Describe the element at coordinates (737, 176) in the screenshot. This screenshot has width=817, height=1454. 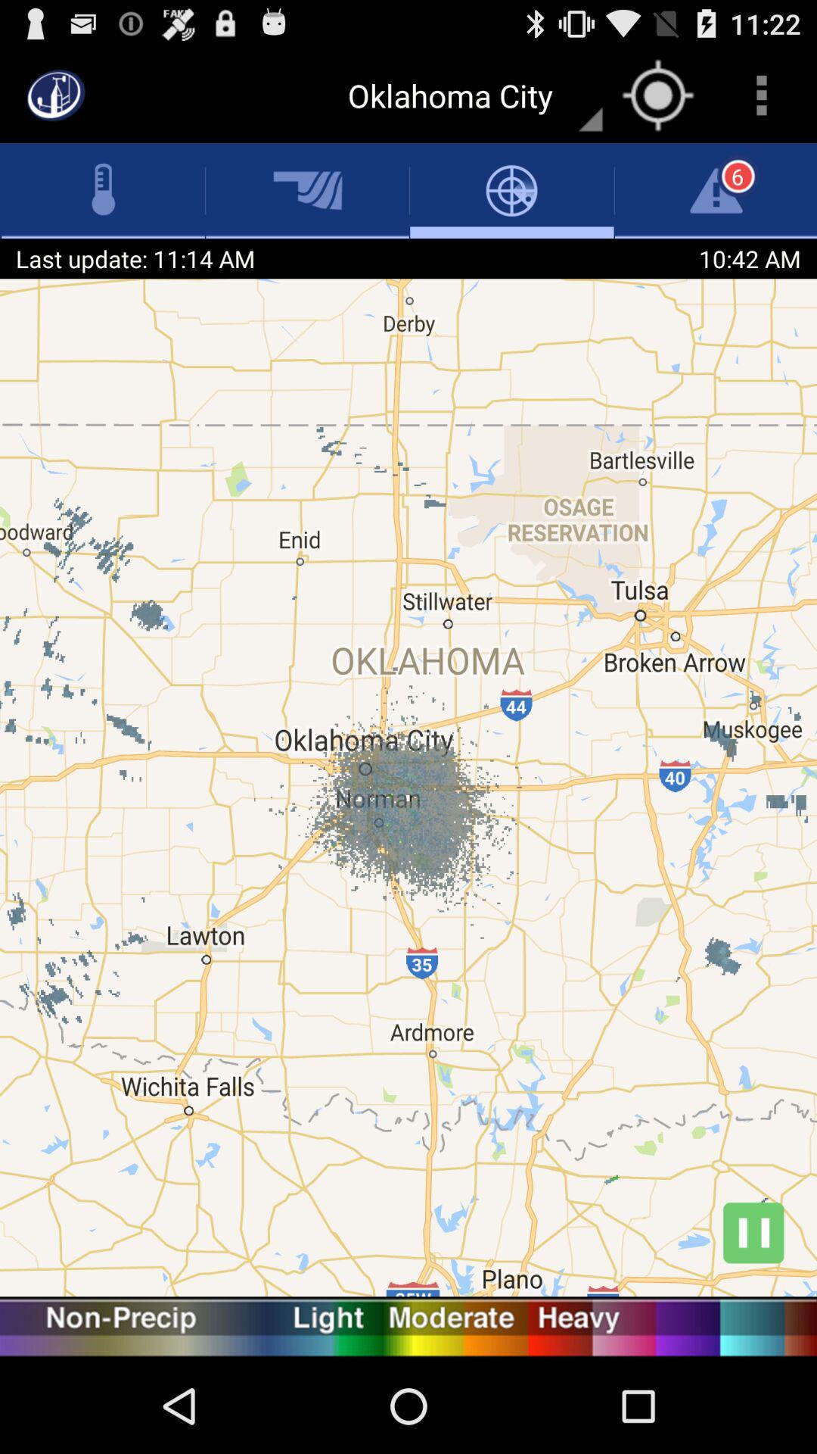
I see `the number on the icon which is on top at the right corner` at that location.